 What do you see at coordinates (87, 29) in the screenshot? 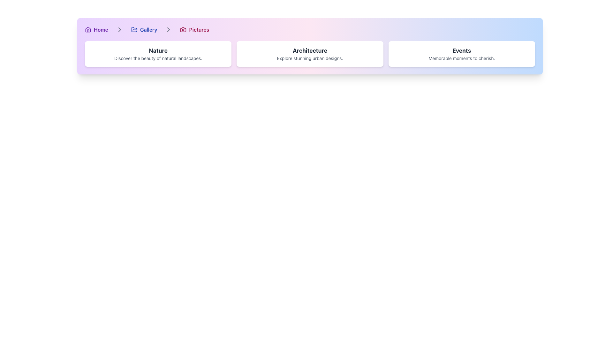
I see `the purple house icon located on the left side of the breadcrumb navigation bar` at bounding box center [87, 29].